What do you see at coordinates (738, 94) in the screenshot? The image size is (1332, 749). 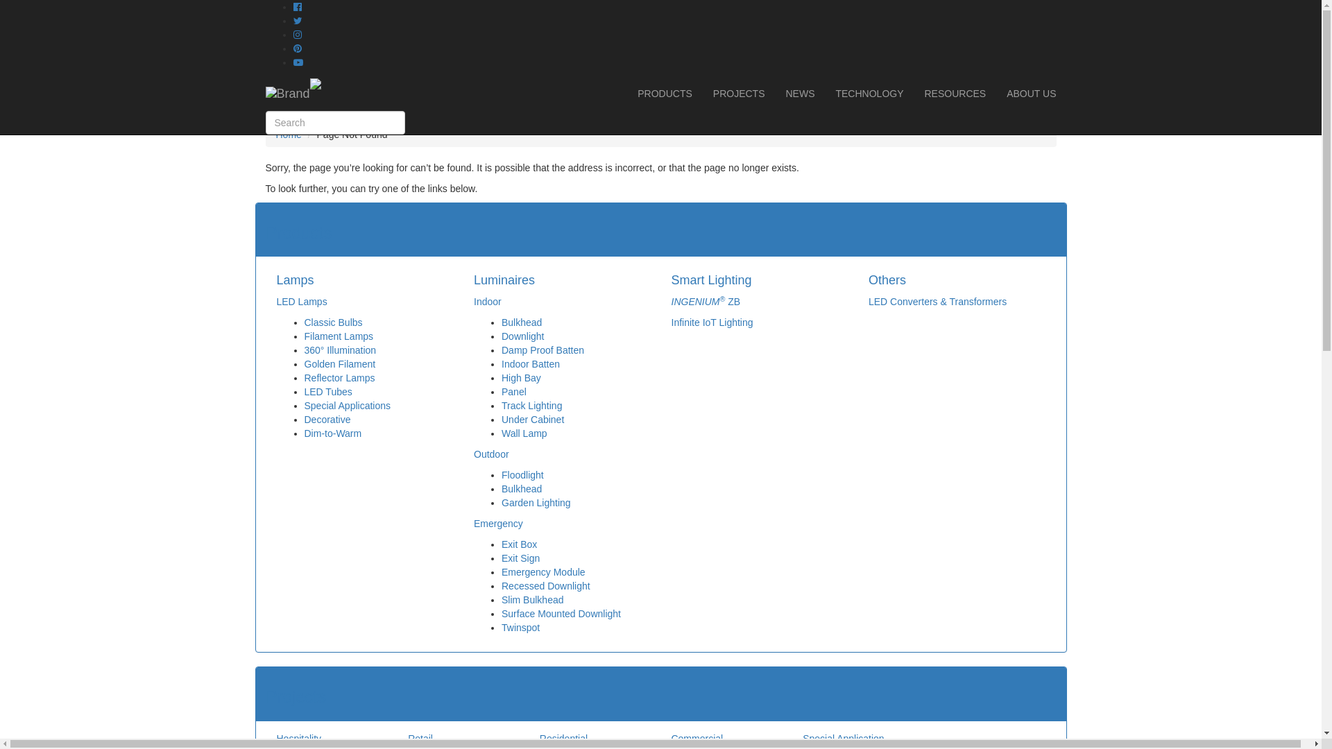 I see `'PROJECTS'` at bounding box center [738, 94].